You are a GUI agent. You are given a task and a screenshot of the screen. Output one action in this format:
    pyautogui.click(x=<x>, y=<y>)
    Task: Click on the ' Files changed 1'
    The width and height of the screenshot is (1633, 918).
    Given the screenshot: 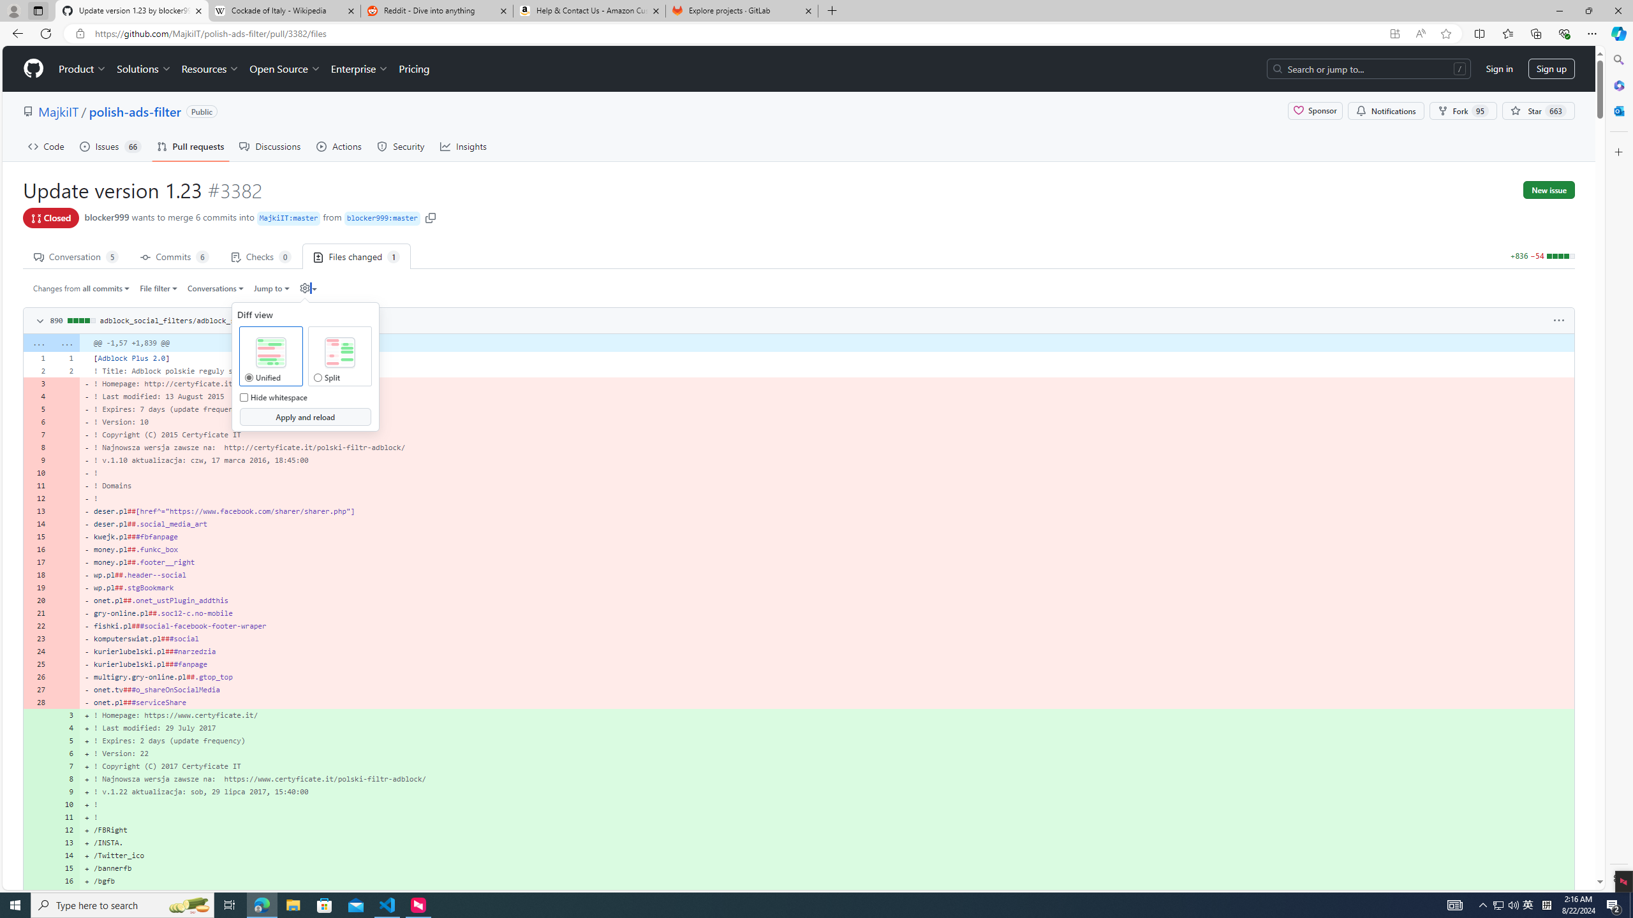 What is the action you would take?
    pyautogui.click(x=356, y=256)
    